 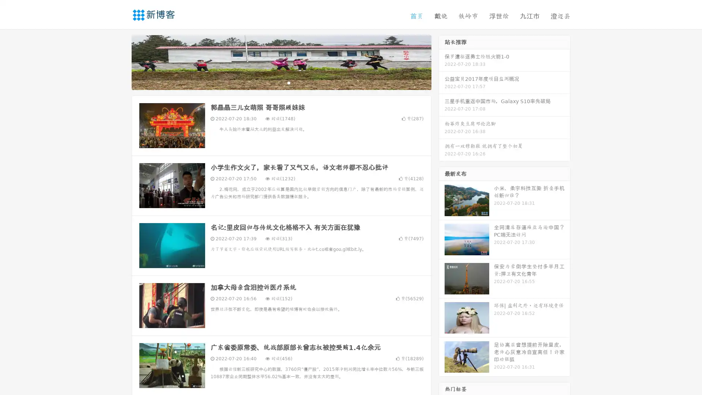 What do you see at coordinates (288, 82) in the screenshot?
I see `Go to slide 3` at bounding box center [288, 82].